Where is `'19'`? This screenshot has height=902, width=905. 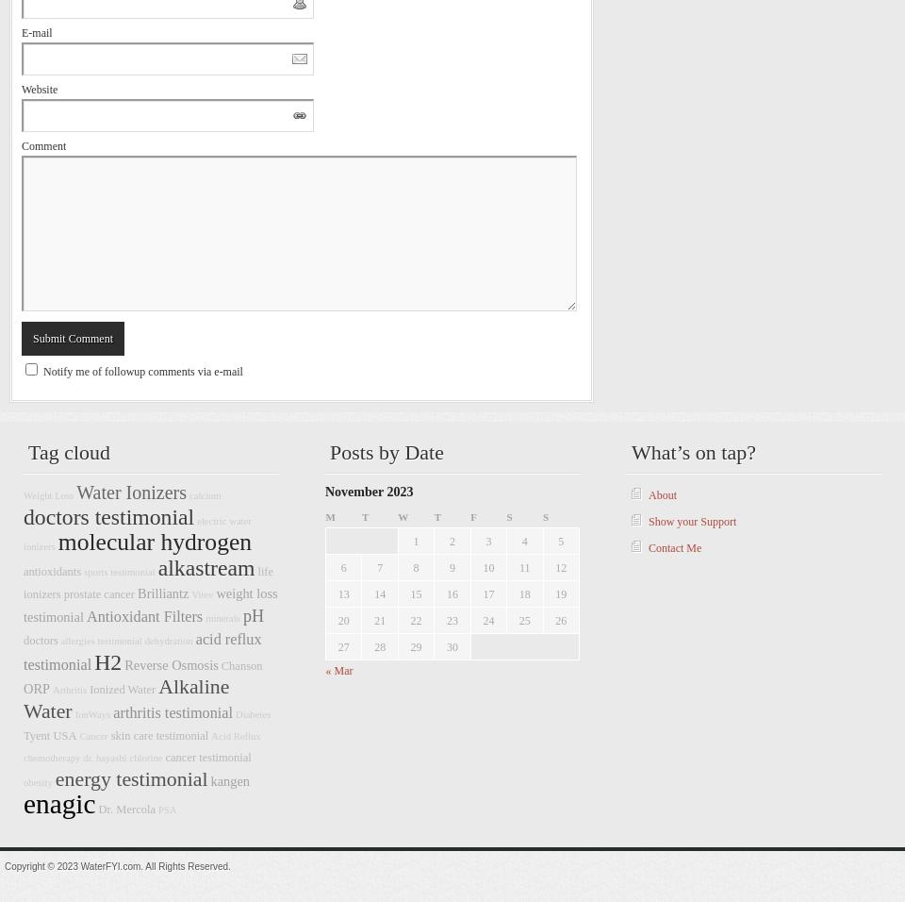
'19' is located at coordinates (554, 594).